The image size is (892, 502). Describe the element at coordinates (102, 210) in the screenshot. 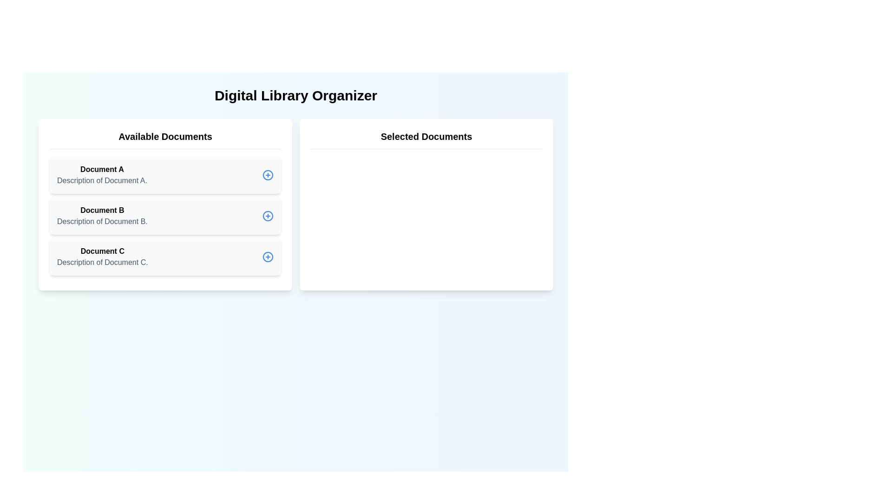

I see `the bold text label 'Document B' located in the 'Available Documents' section` at that location.